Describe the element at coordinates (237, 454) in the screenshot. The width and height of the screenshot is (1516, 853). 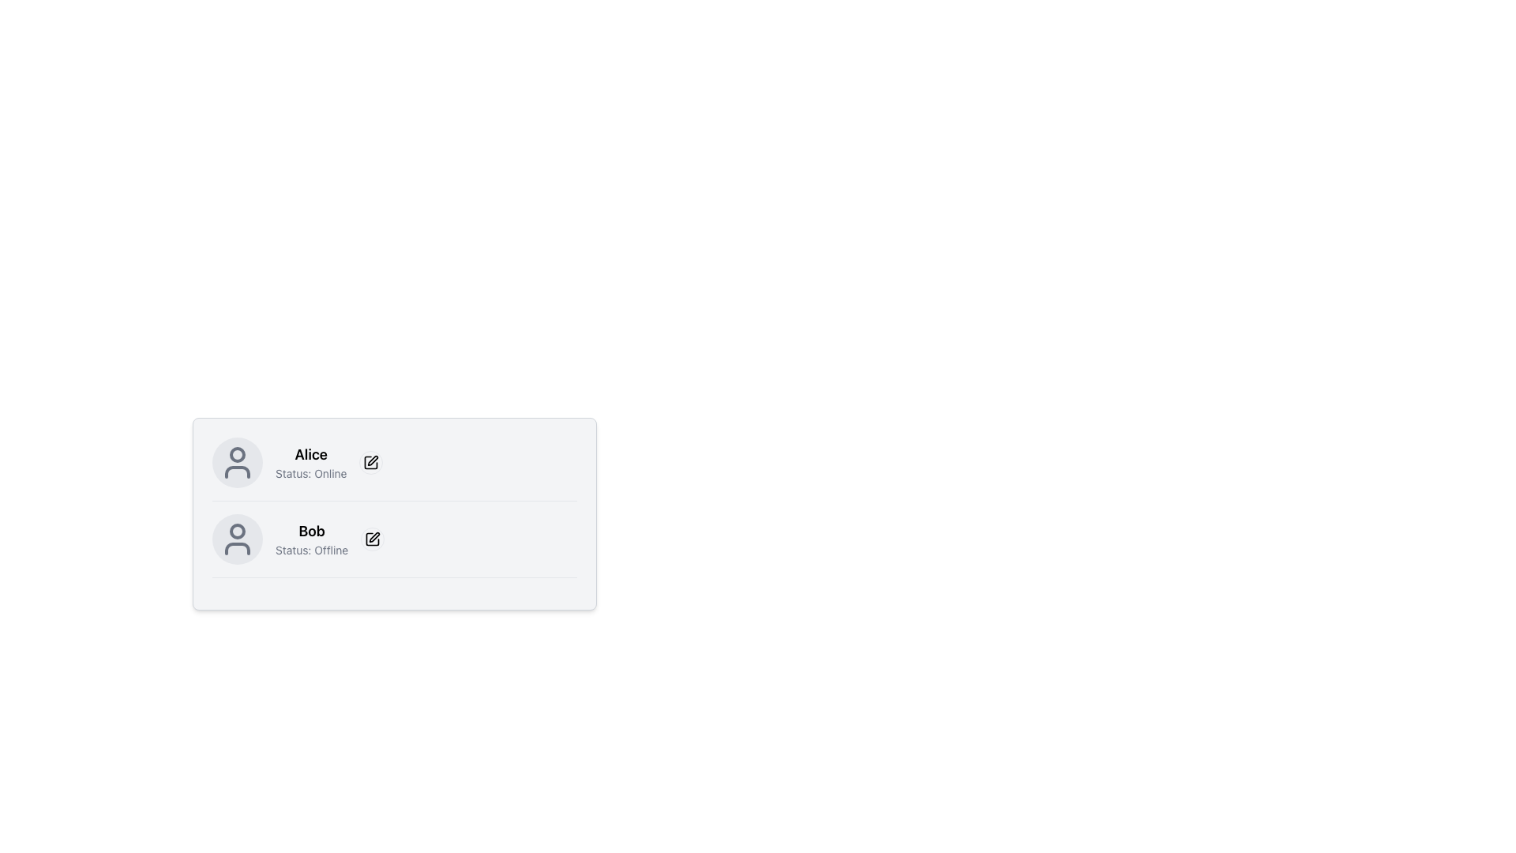
I see `the circular graphic within the user profile icon, which is the first item in the user list` at that location.